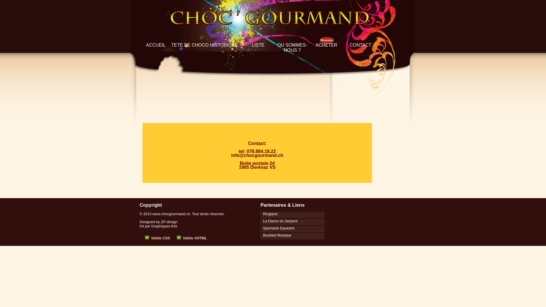  Describe the element at coordinates (160, 238) in the screenshot. I see `'Valide CSS'` at that location.